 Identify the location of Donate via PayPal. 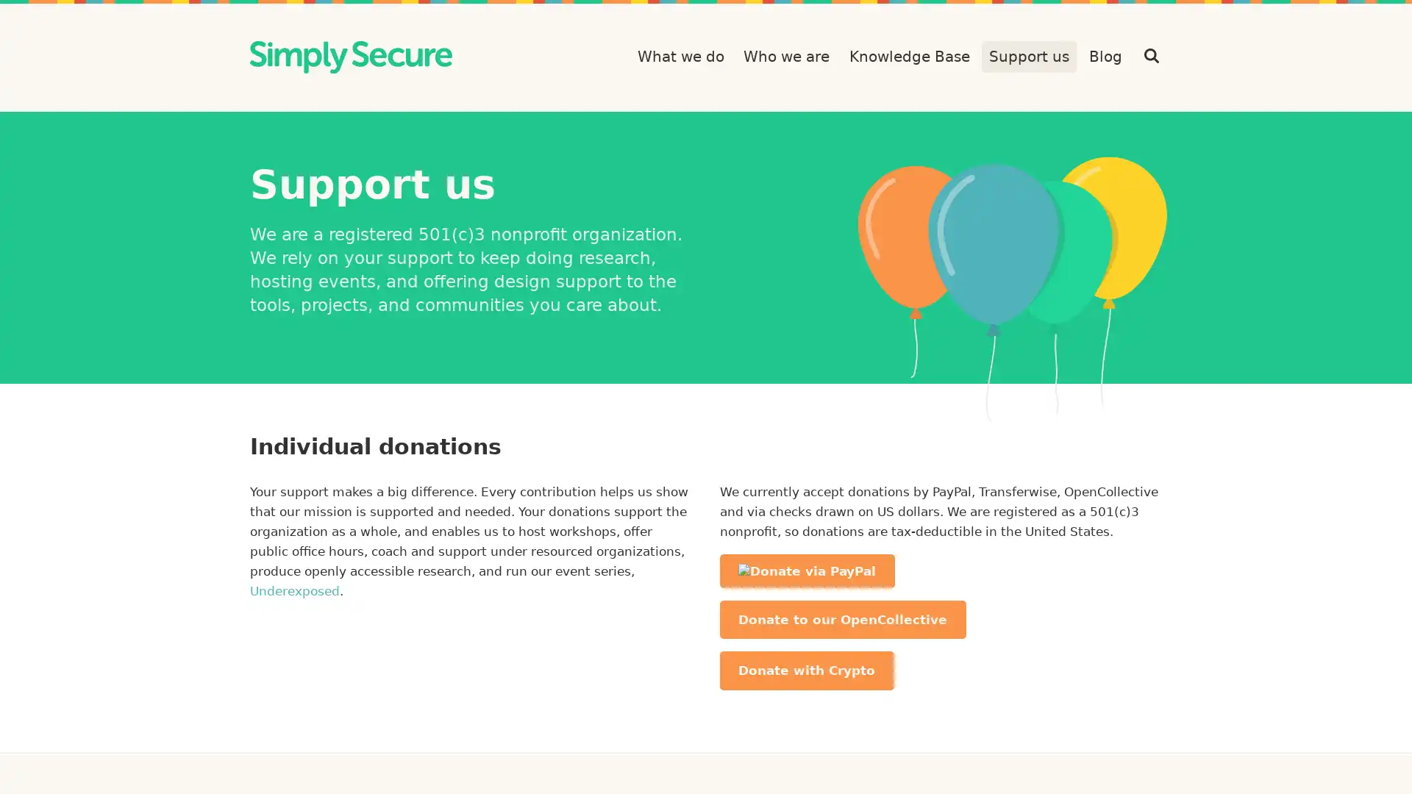
(806, 570).